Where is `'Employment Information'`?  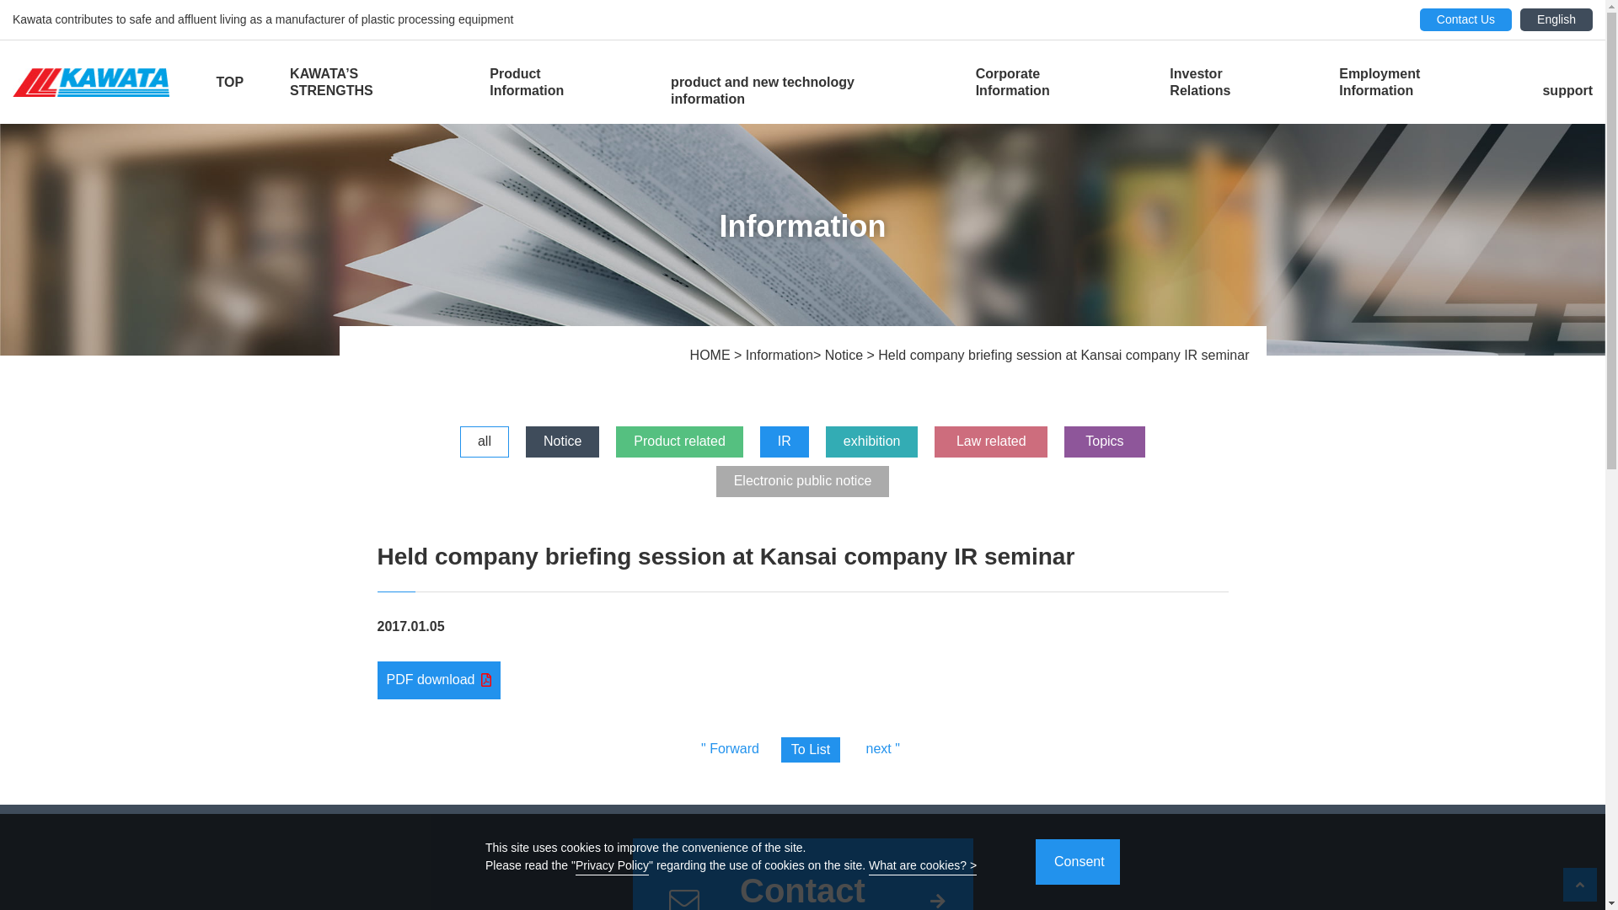 'Employment Information' is located at coordinates (1416, 82).